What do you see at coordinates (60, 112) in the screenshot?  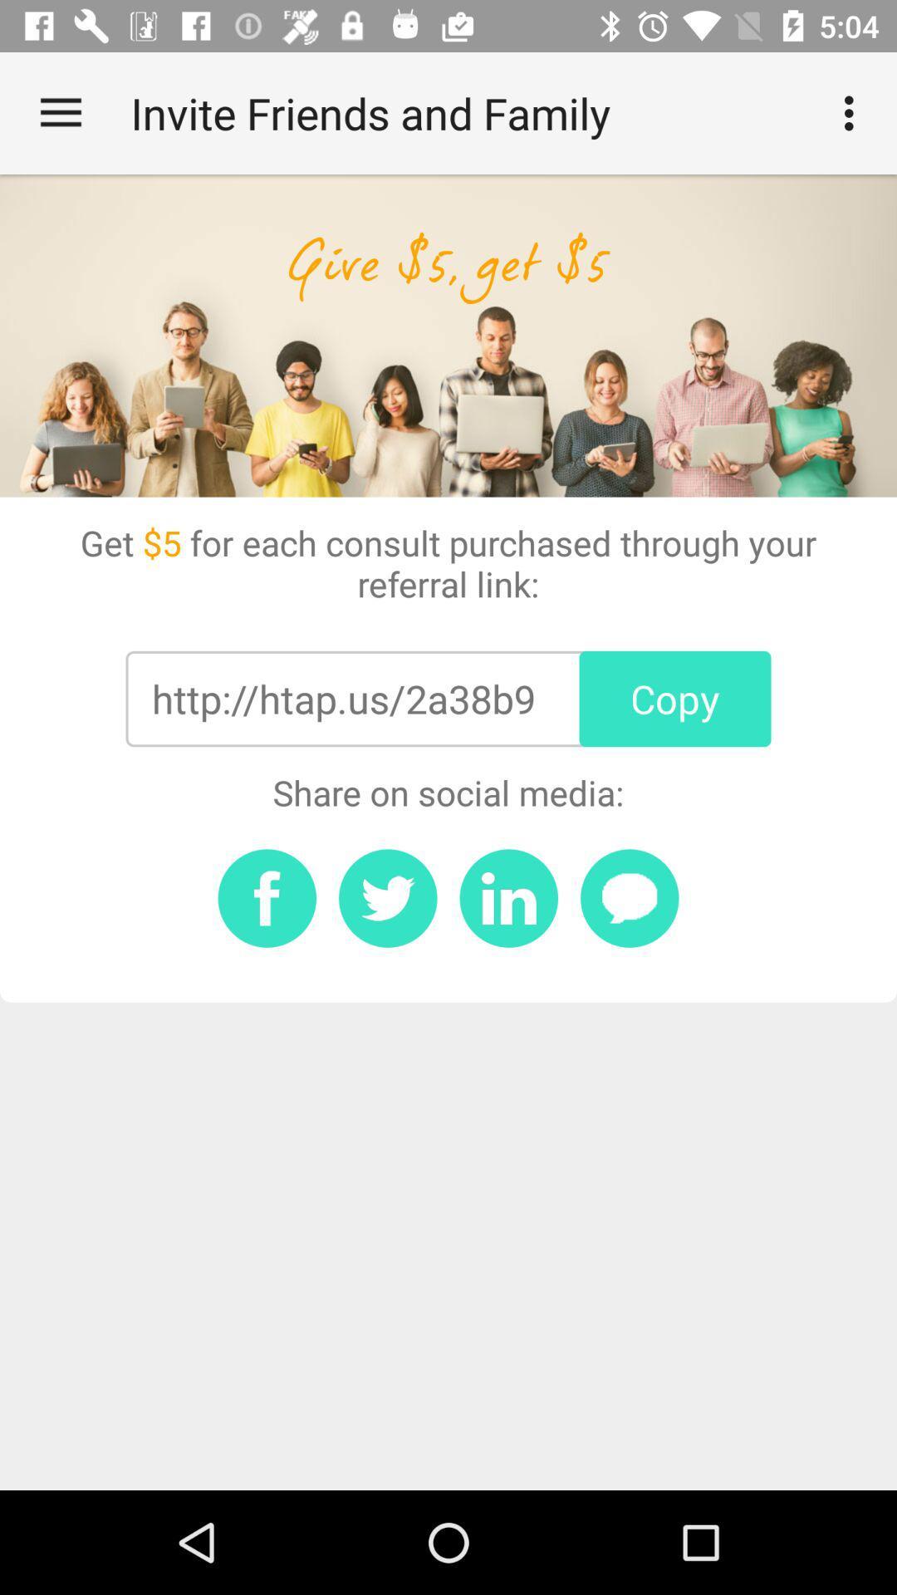 I see `the app to the left of the invite friends and` at bounding box center [60, 112].